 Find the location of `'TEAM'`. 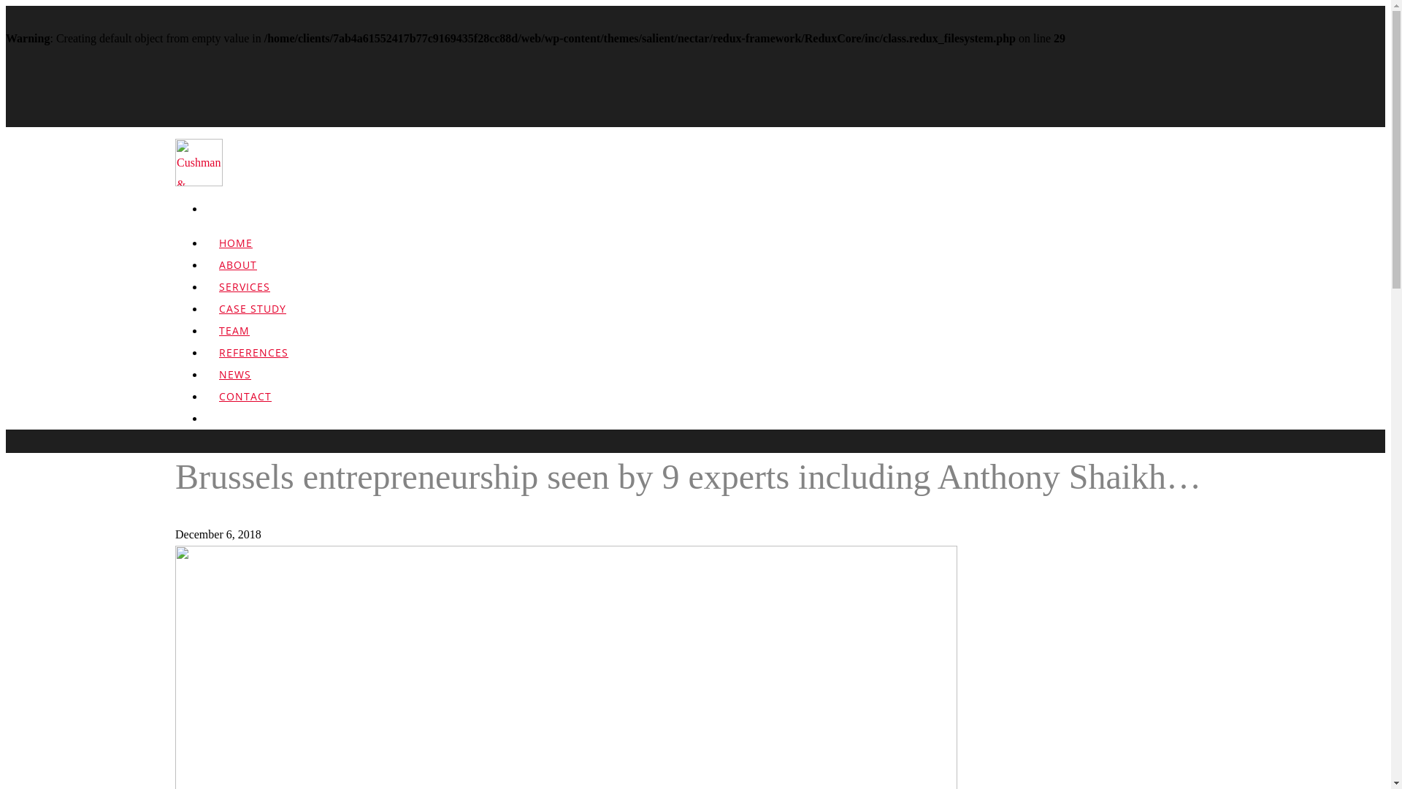

'TEAM' is located at coordinates (234, 340).